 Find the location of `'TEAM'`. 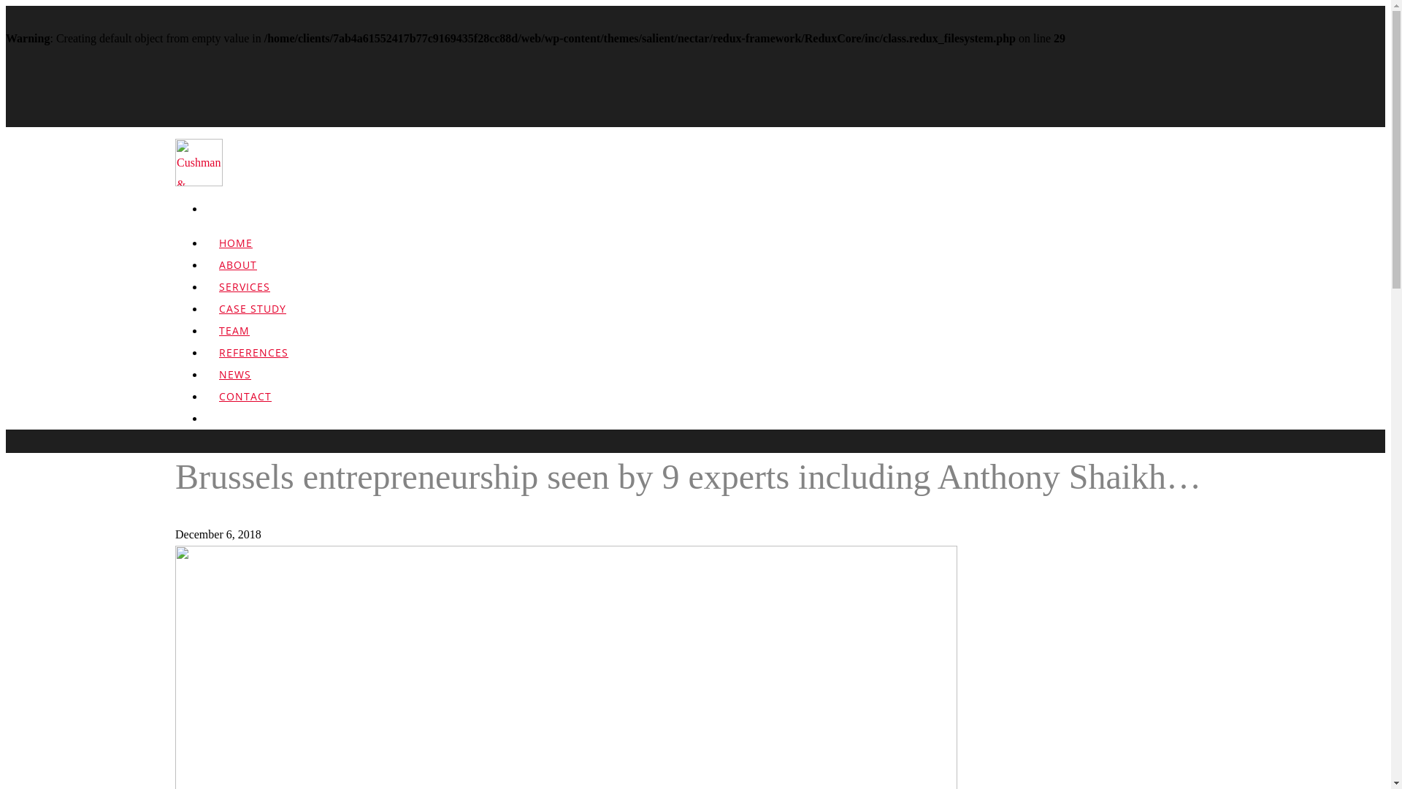

'TEAM' is located at coordinates (234, 340).